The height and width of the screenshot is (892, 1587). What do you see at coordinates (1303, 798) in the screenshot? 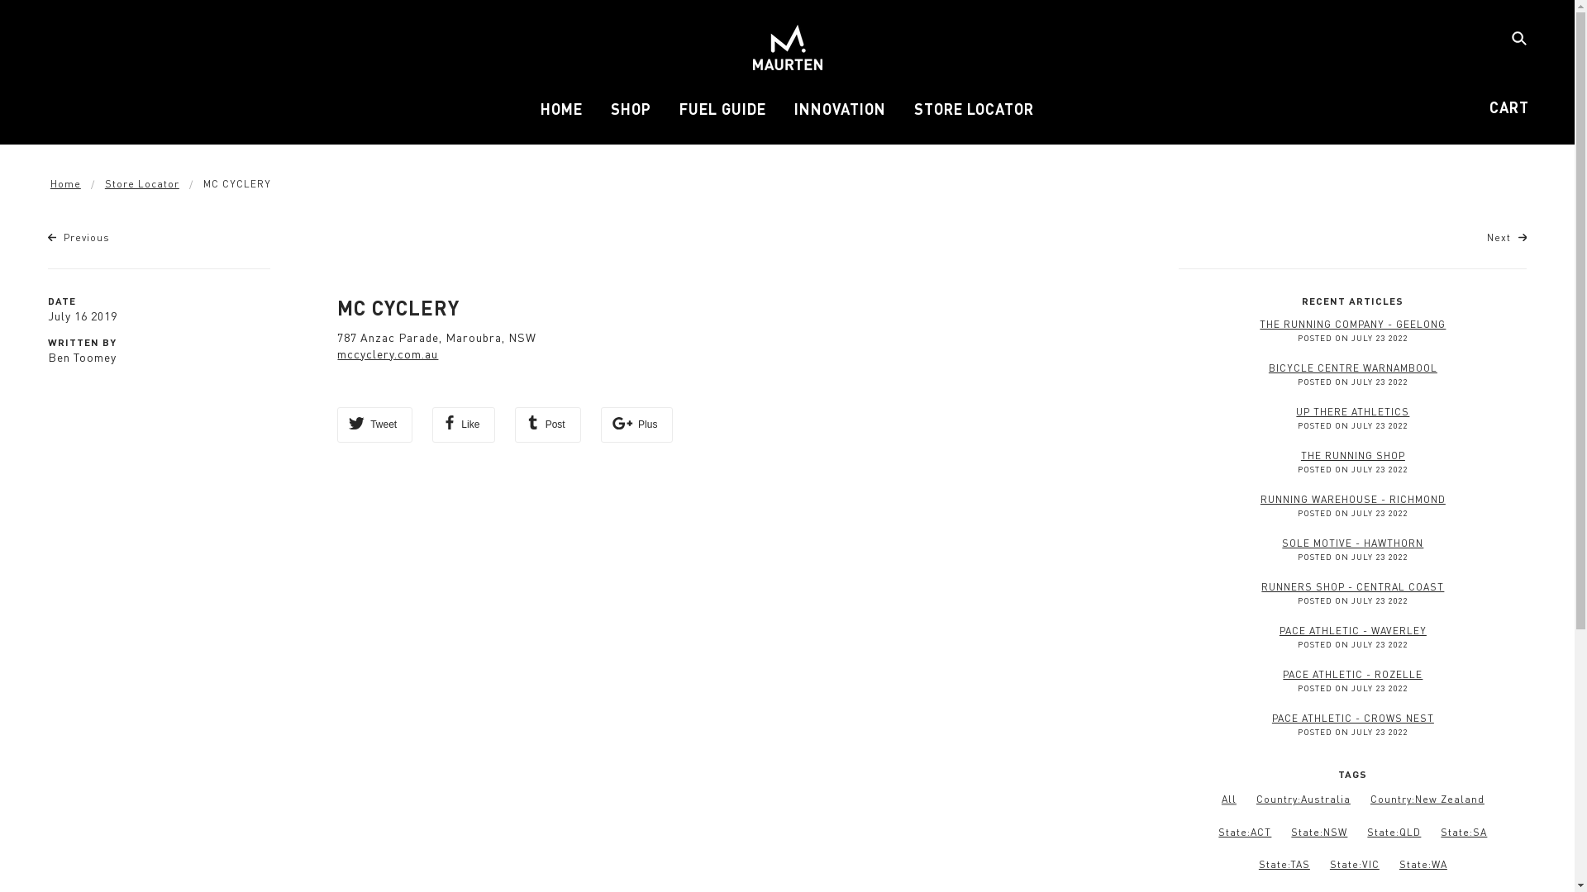
I see `'Country:Australia'` at bounding box center [1303, 798].